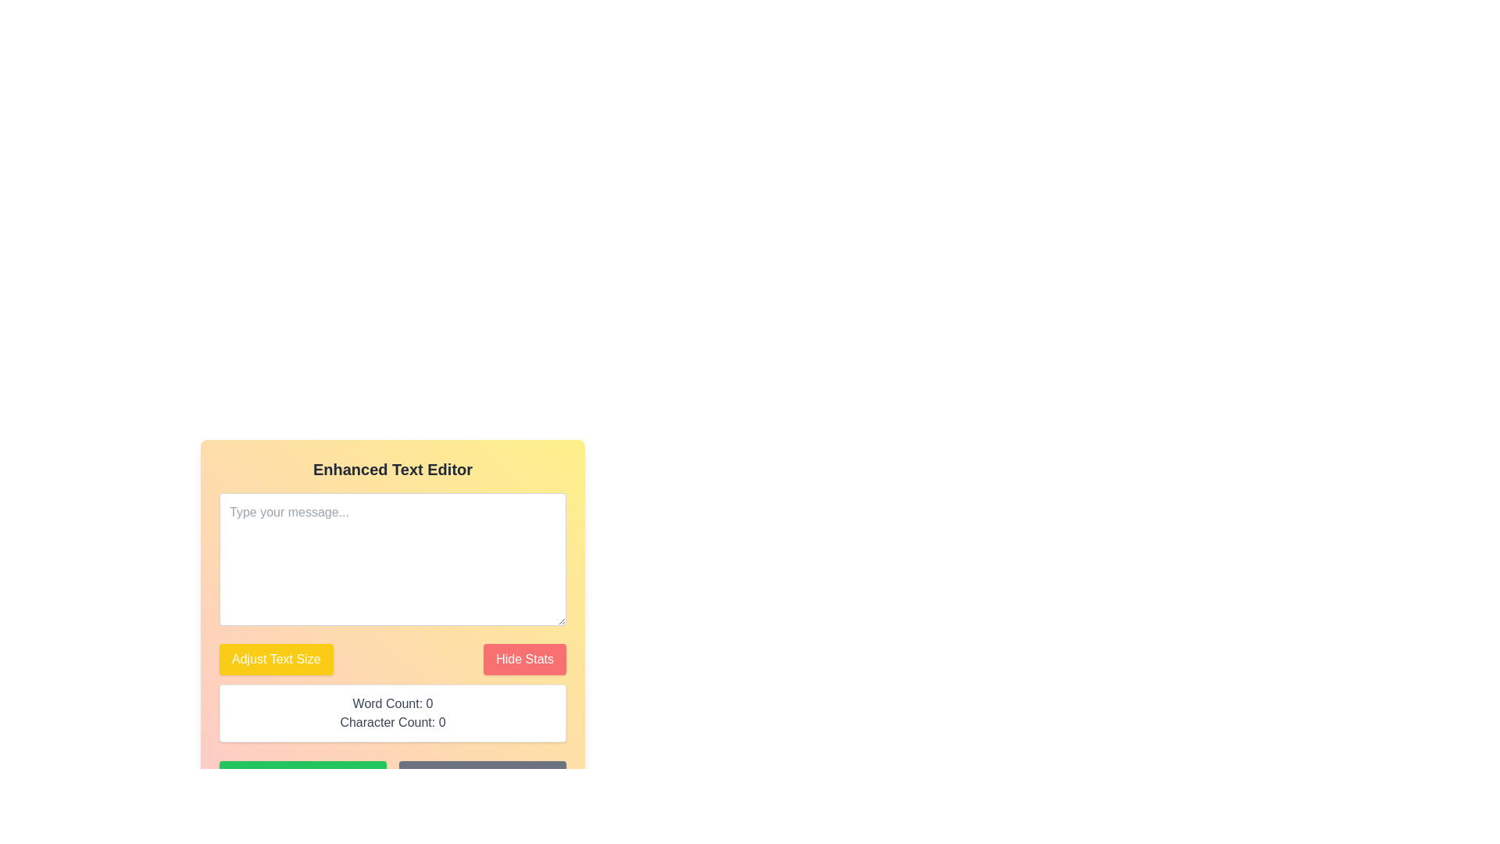 The height and width of the screenshot is (844, 1500). What do you see at coordinates (393, 777) in the screenshot?
I see `the button group containing the 'Save' and 'Clear' buttons` at bounding box center [393, 777].